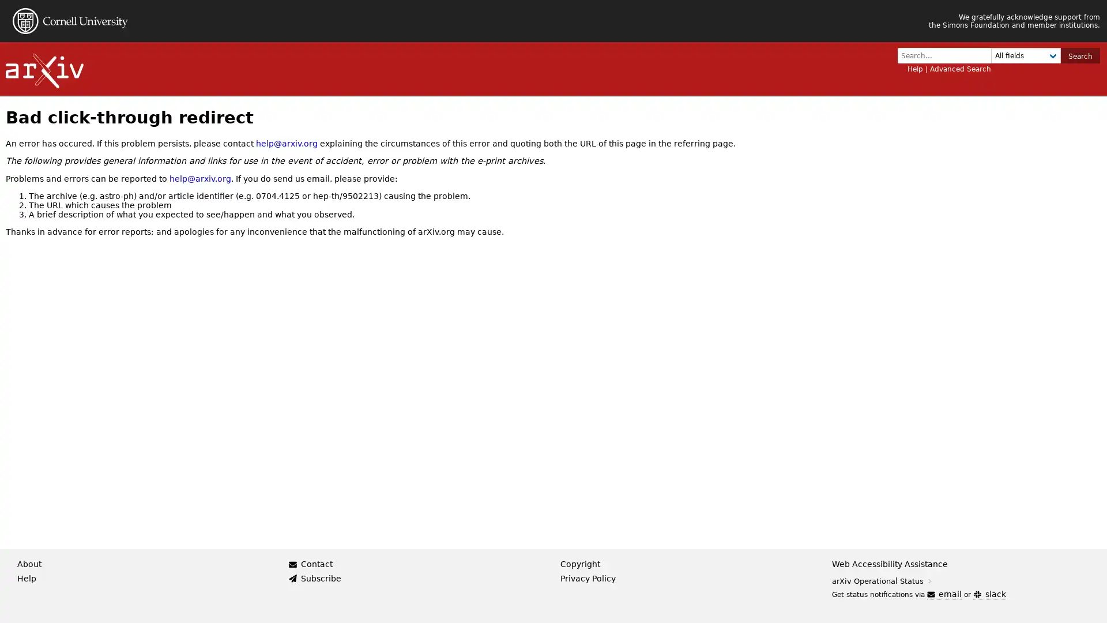 The image size is (1107, 623). I want to click on Search, so click(1079, 55).